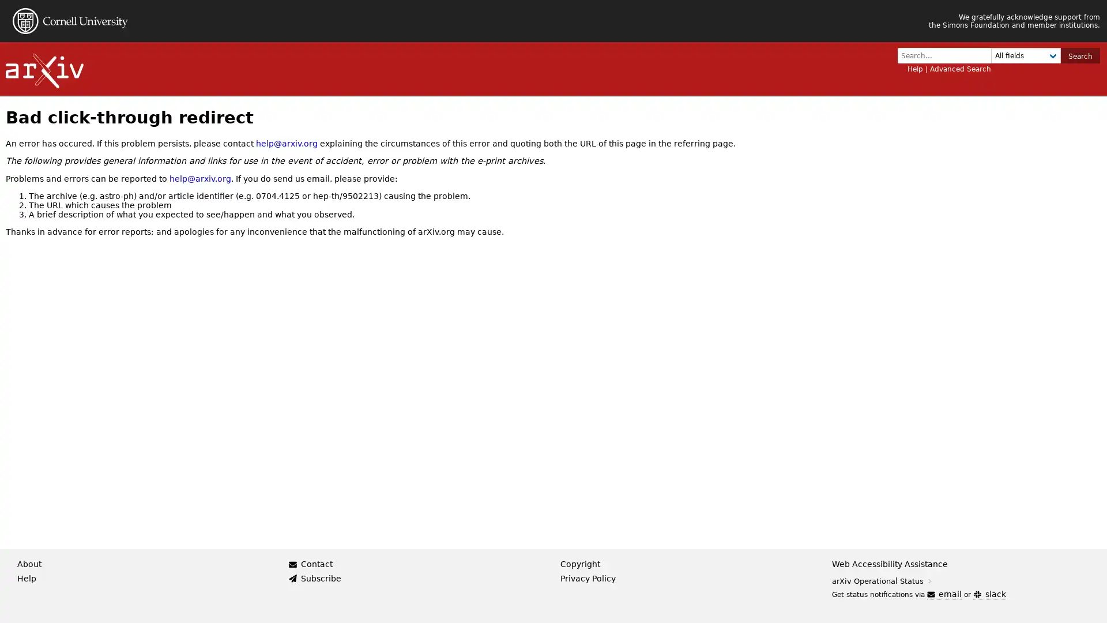 The image size is (1107, 623). I want to click on Search, so click(1079, 55).